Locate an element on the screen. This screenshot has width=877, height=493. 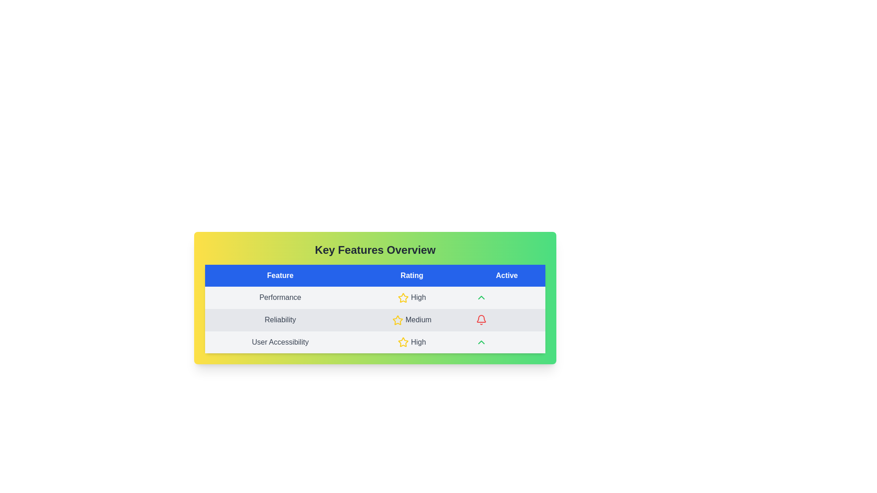
the star icon that represents a 'High' rating in the 'Rating' column of the first row in the 'Key Features Overview' table is located at coordinates (403, 298).